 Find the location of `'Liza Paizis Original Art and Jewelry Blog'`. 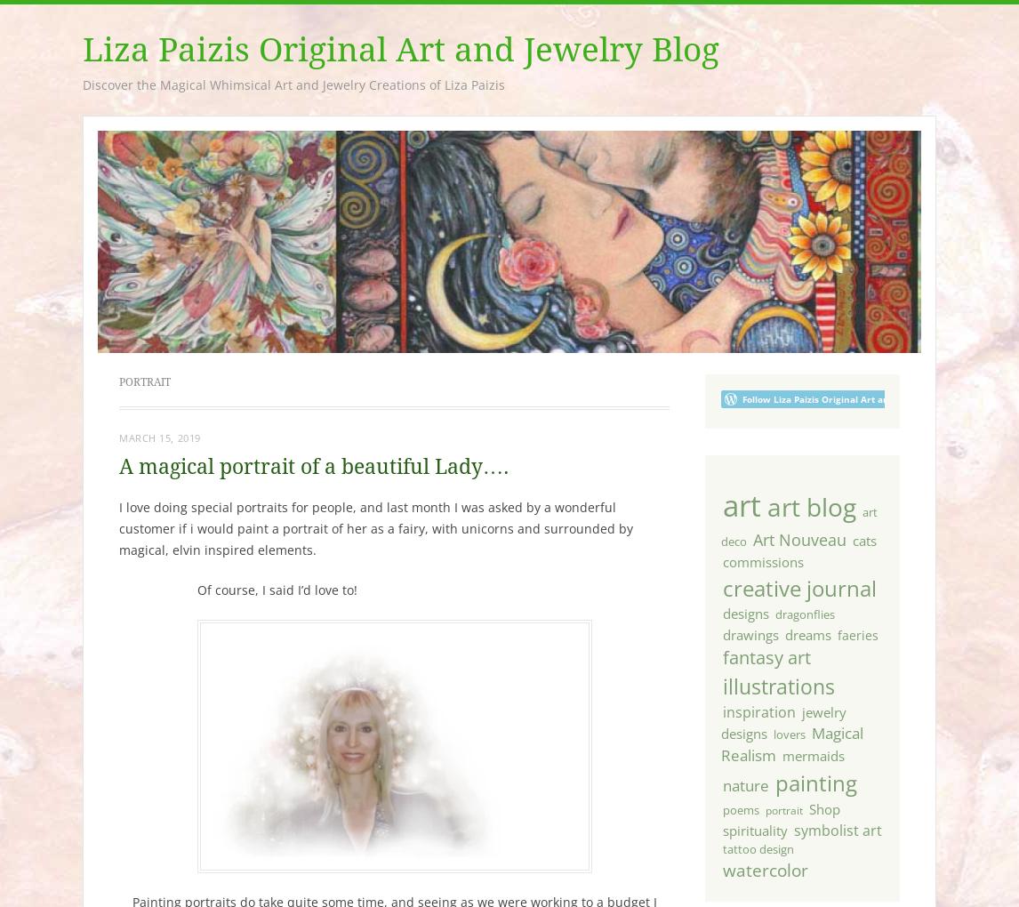

'Liza Paizis Original Art and Jewelry Blog' is located at coordinates (399, 50).